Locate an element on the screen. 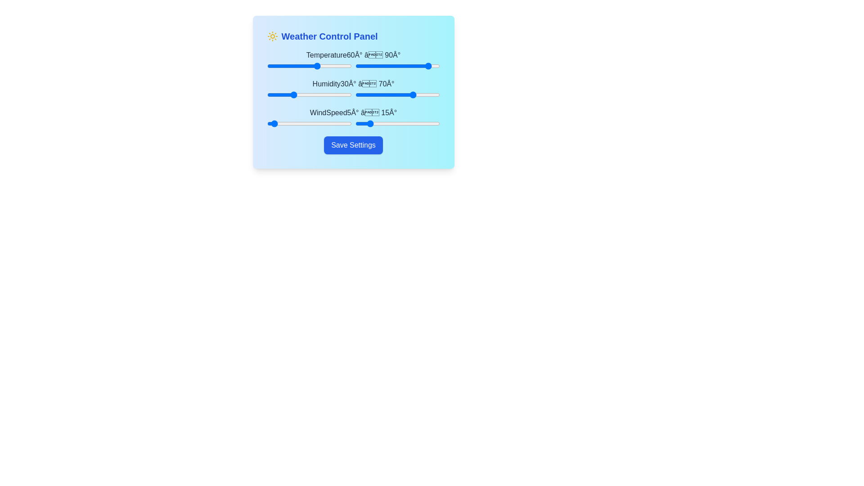 The width and height of the screenshot is (864, 486). the icon next to the title to display additional information is located at coordinates (272, 36).